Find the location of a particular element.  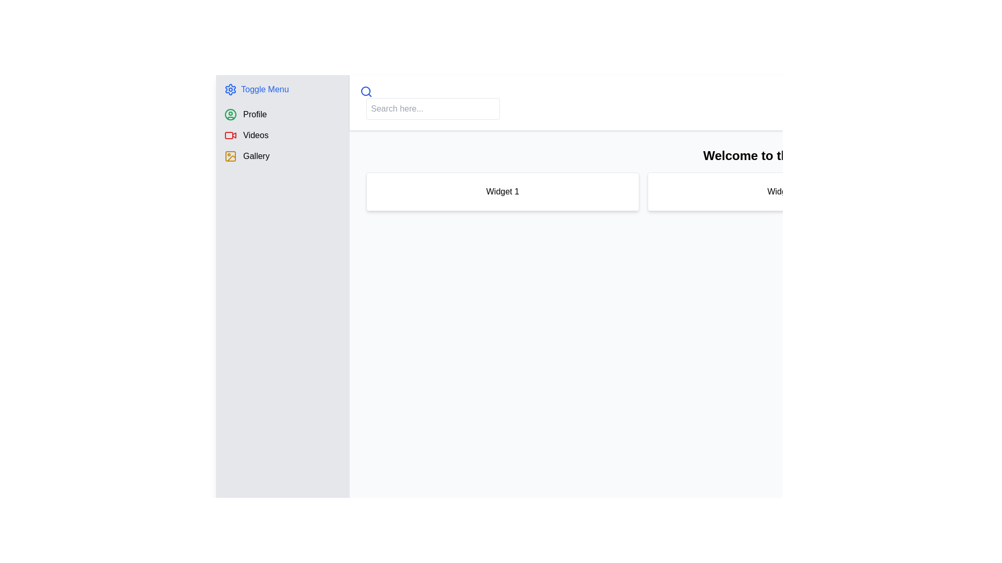

the settings icon located at the top of the left sidebar, which is associated with the 'Toggle Menu' text is located at coordinates (230, 89).